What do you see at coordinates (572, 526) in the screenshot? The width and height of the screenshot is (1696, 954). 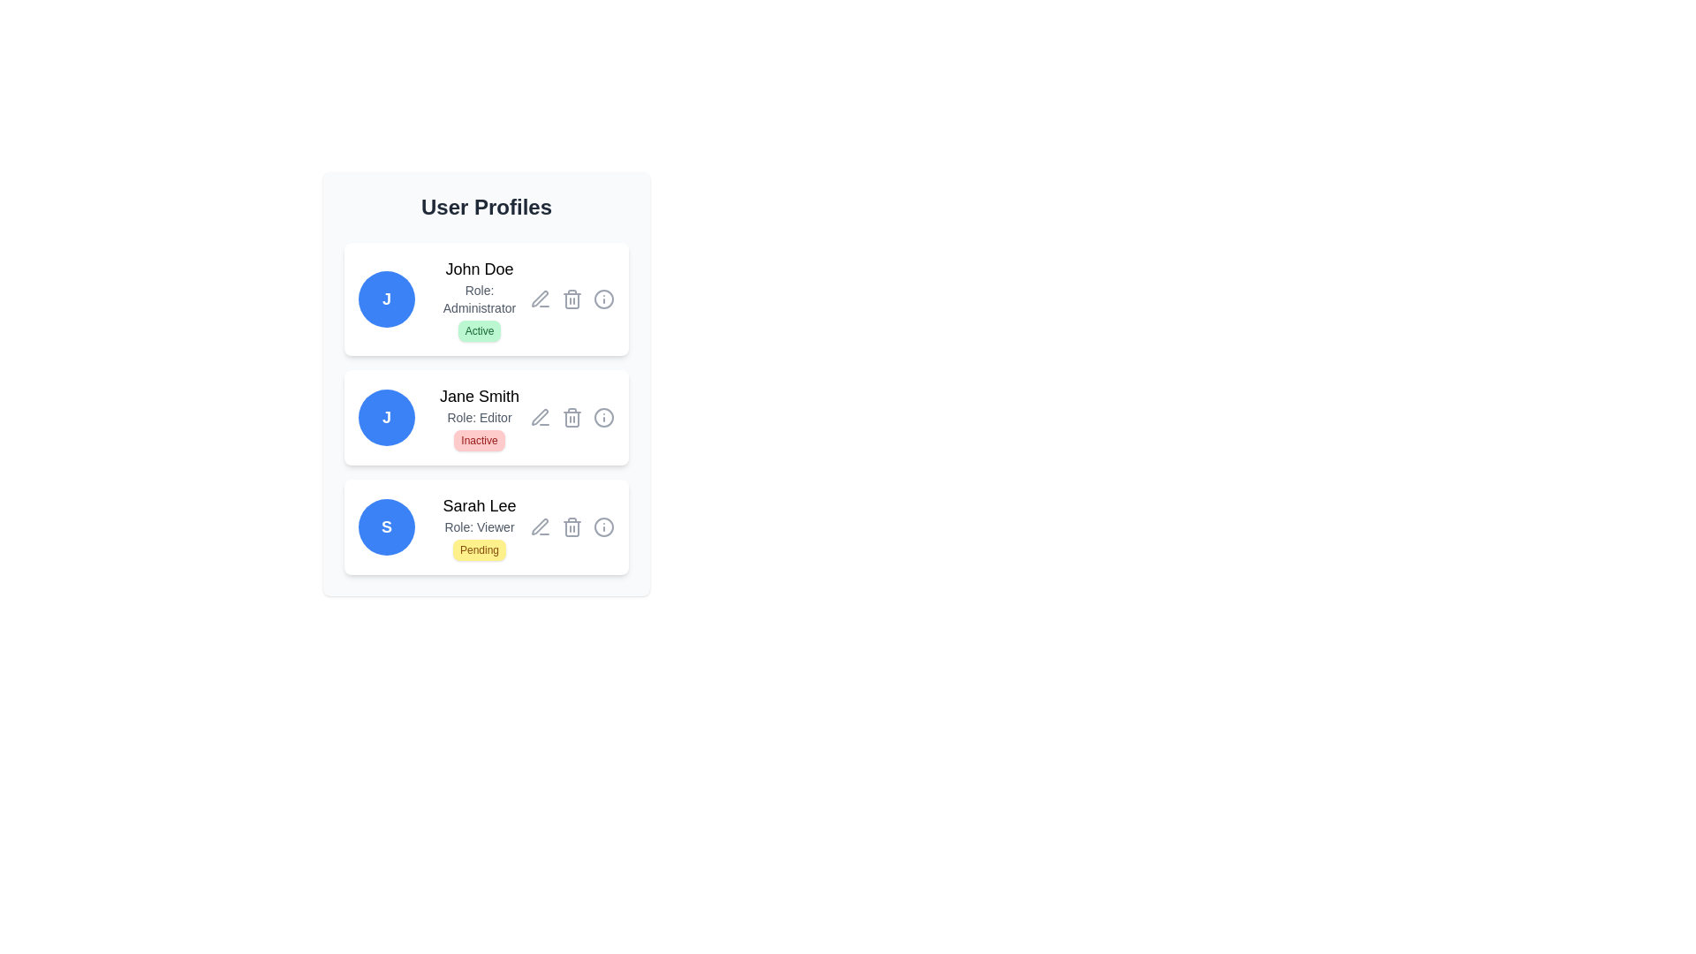 I see `the trash can icon button, which is the third icon in the horizontal action button group next to user roles` at bounding box center [572, 526].